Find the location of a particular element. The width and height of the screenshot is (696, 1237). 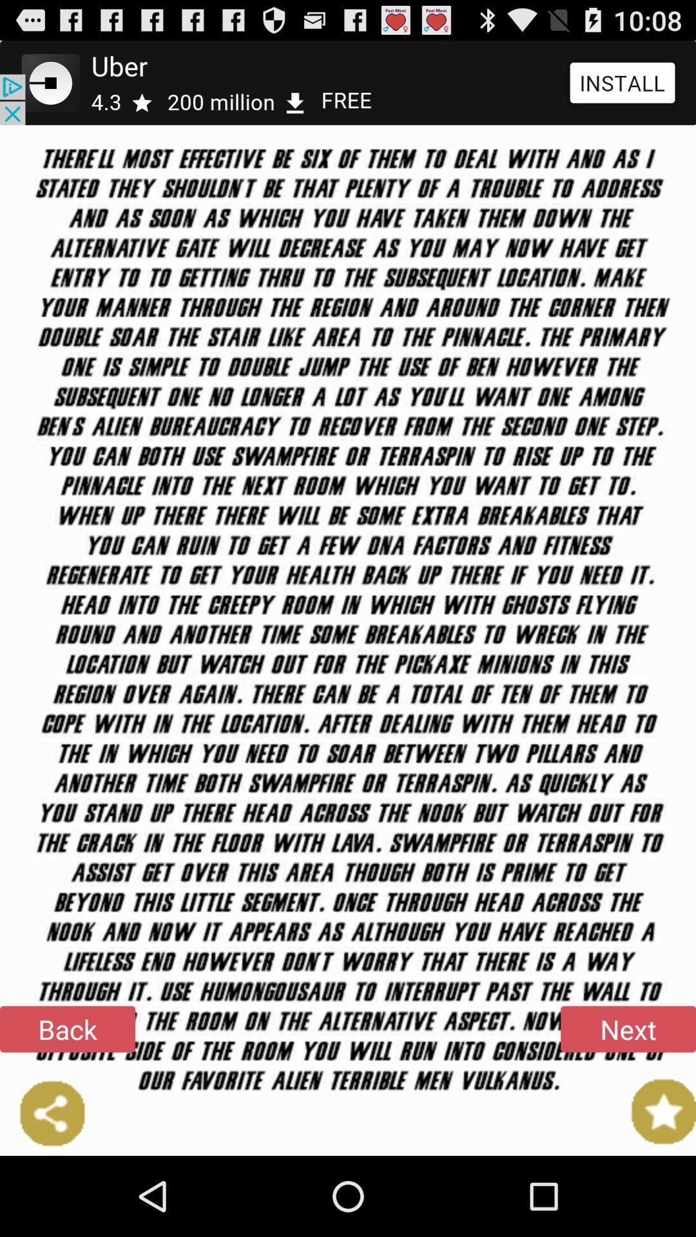

item below the next icon is located at coordinates (653, 1111).